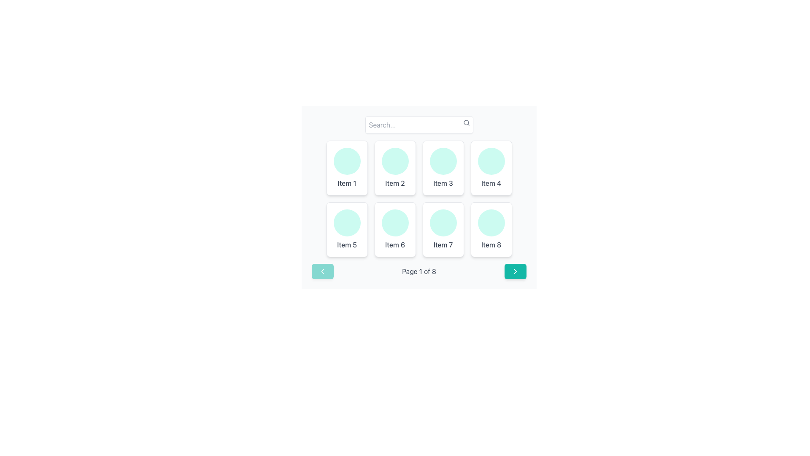 The width and height of the screenshot is (810, 456). I want to click on the gray magnifying glass search icon located at the top right corner of the search input field, so click(466, 122).